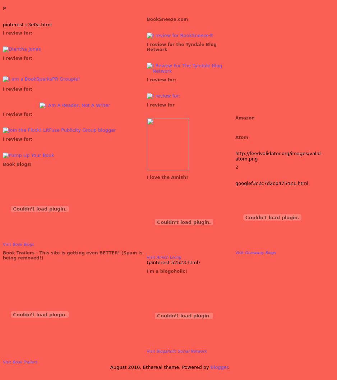 The width and height of the screenshot is (337, 380). I want to click on 'http://feedvalidator.org/images/valid-atom.png', so click(278, 155).